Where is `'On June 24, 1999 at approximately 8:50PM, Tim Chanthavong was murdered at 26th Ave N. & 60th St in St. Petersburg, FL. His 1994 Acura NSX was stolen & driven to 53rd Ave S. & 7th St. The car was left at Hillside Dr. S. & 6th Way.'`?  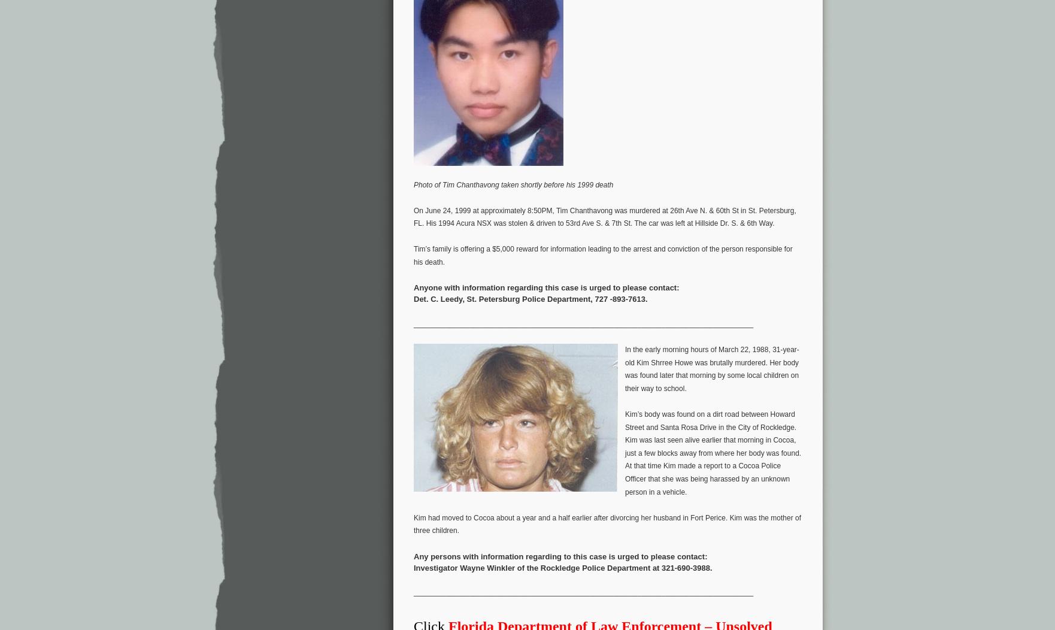
'On June 24, 1999 at approximately 8:50PM, Tim Chanthavong was murdered at 26th Ave N. & 60th St in St. Petersburg, FL. His 1994 Acura NSX was stolen & driven to 53rd Ave S. & 7th St. The car was left at Hillside Dr. S. & 6th Way.' is located at coordinates (604, 216).